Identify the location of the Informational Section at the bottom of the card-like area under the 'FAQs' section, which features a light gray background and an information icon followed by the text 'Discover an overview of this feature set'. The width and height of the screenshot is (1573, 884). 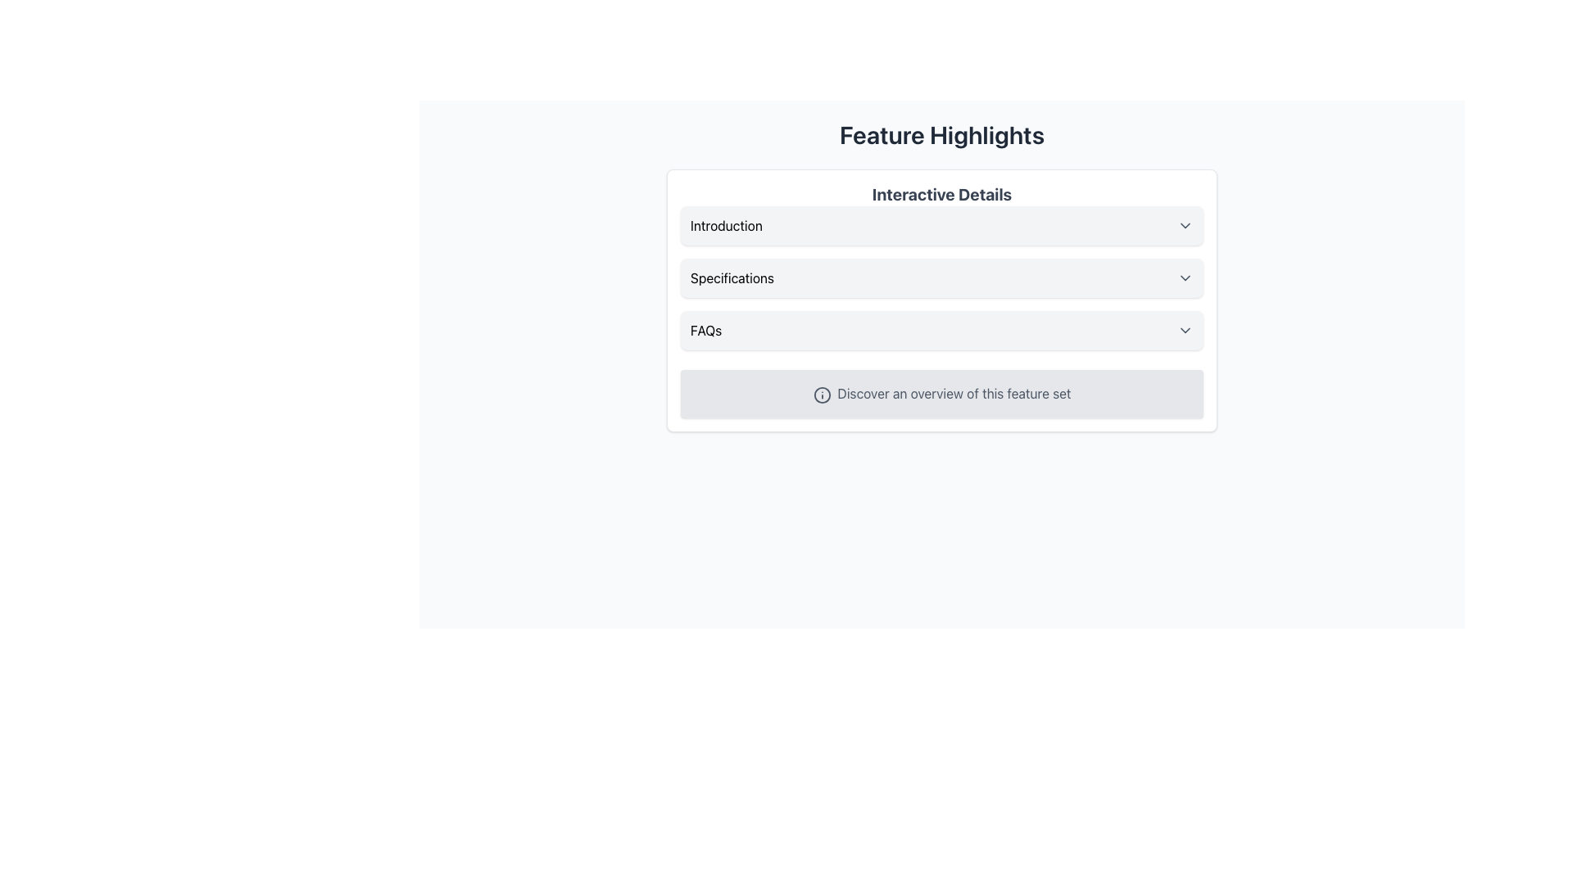
(942, 394).